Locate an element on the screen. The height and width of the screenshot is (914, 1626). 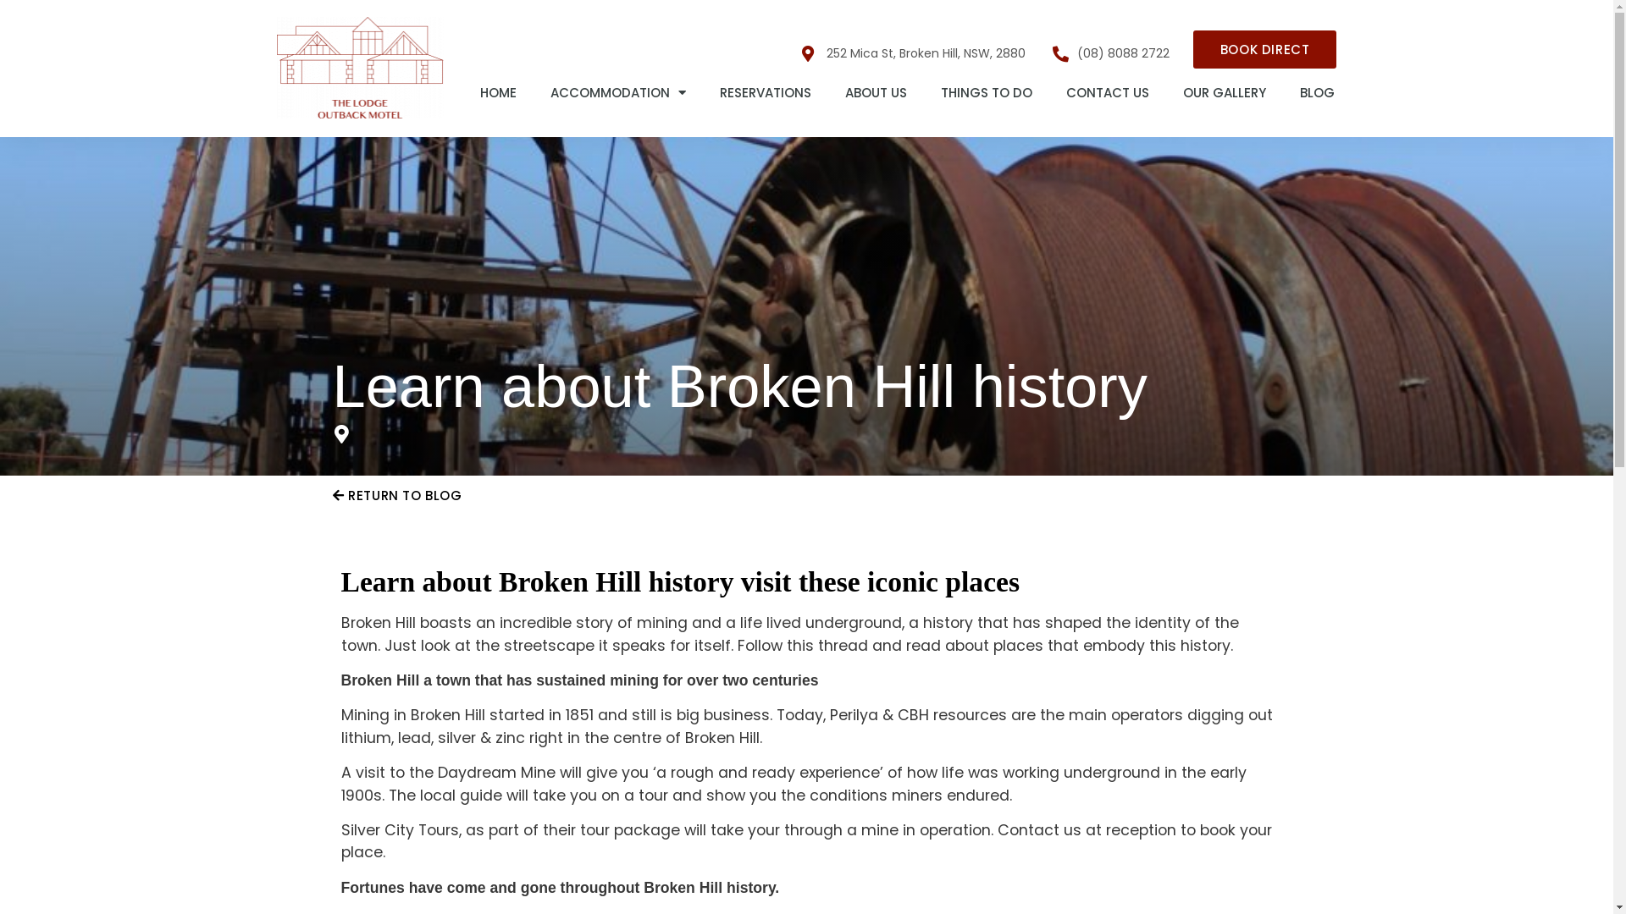
'(08) 8088 2722' is located at coordinates (1110, 52).